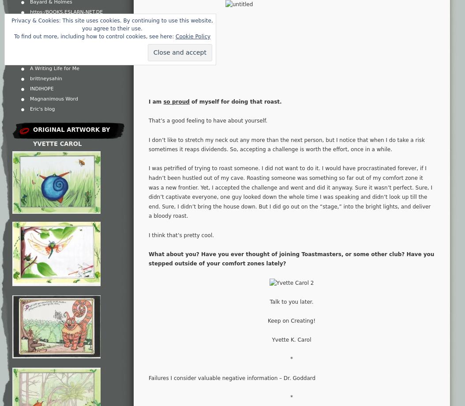 The image size is (465, 406). Describe the element at coordinates (66, 12) in the screenshot. I see `'https:/BOOKS.ESLARN-NET.DE'` at that location.